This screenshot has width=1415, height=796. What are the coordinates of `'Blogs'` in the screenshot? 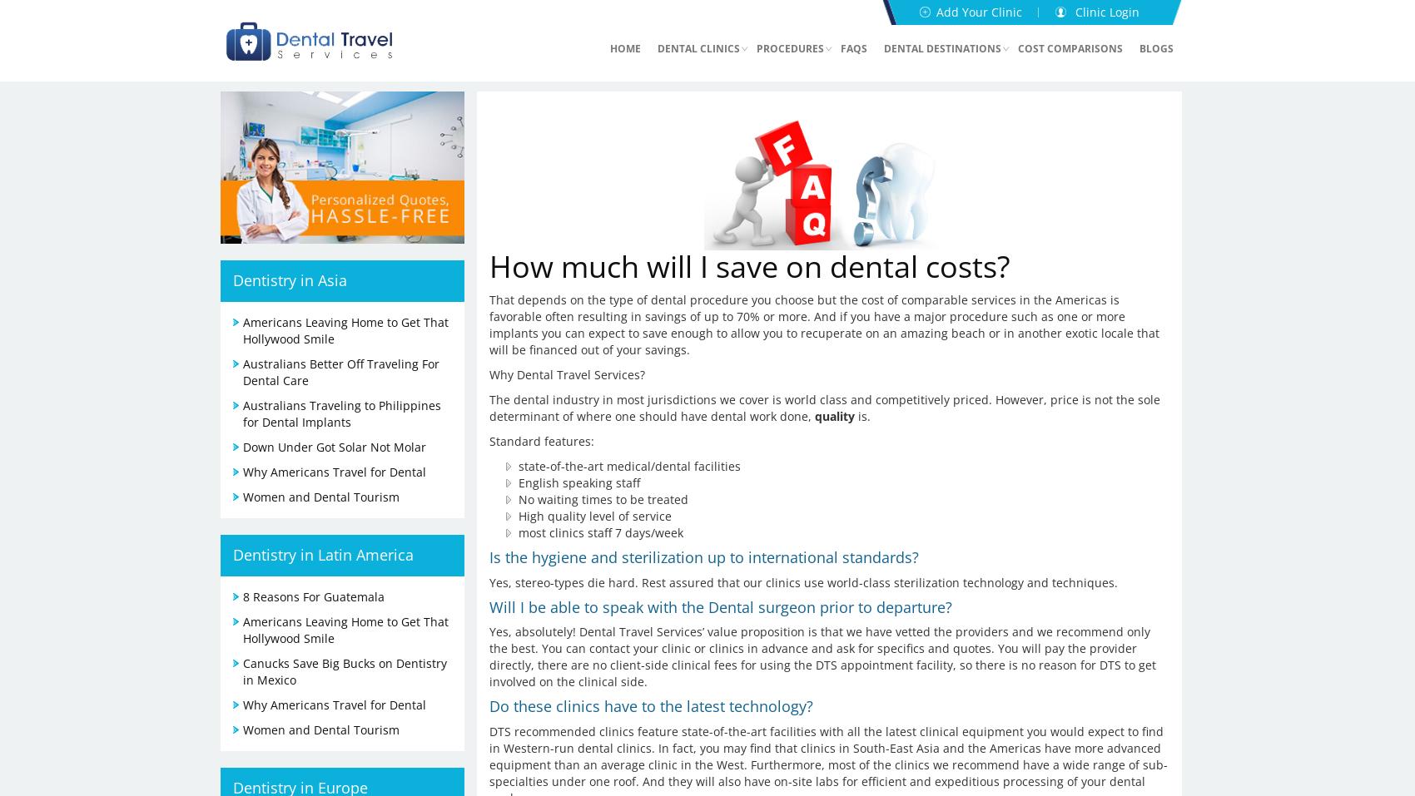 It's located at (1155, 47).